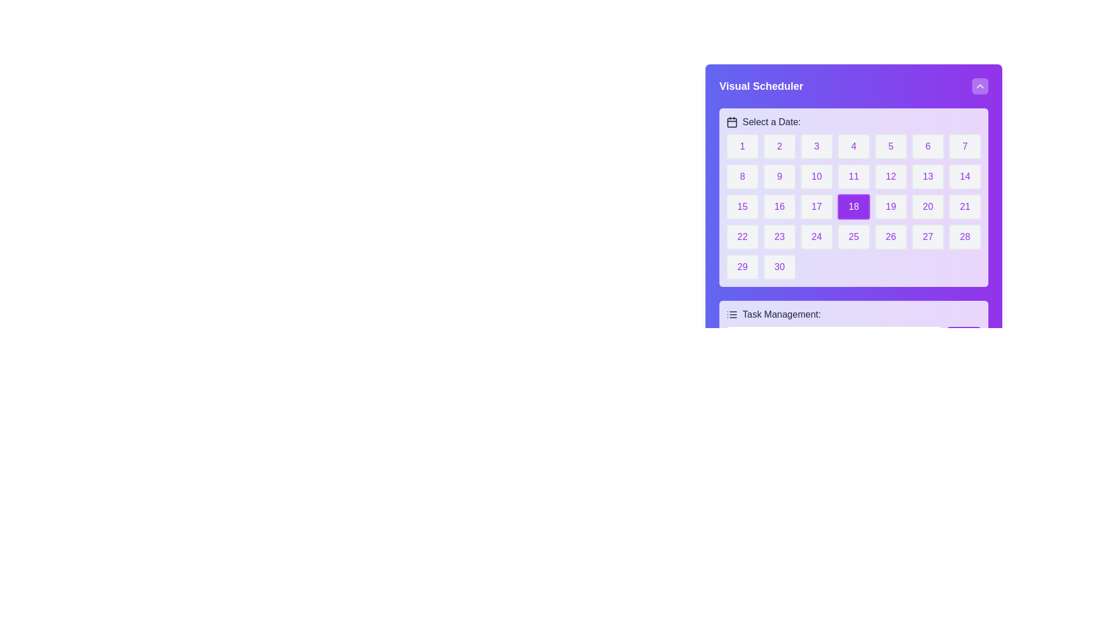 This screenshot has height=626, width=1113. I want to click on the selectable calendar date '6' within the calendar grid, so click(928, 146).